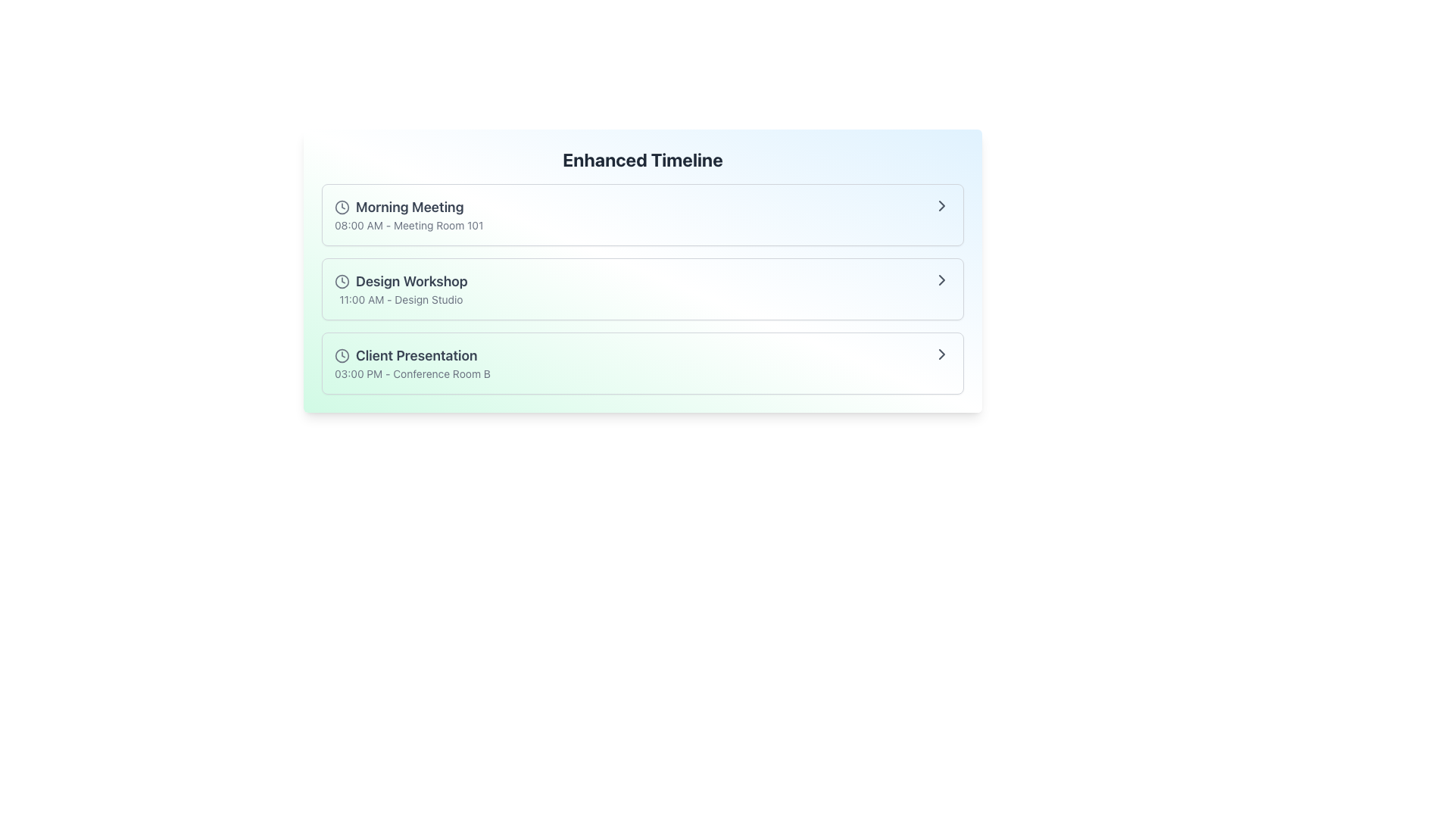  I want to click on the chevron icon button for the 'Morning Meeting' event, so click(941, 206).